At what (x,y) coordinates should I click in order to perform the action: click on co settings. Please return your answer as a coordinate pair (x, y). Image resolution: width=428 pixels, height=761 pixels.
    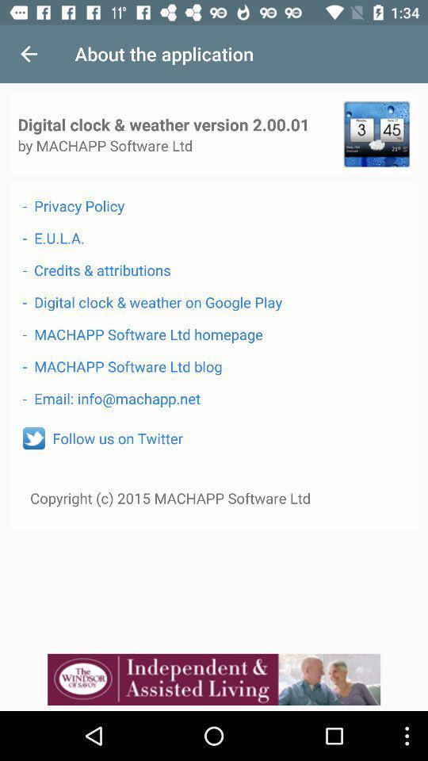
    Looking at the image, I should click on (376, 133).